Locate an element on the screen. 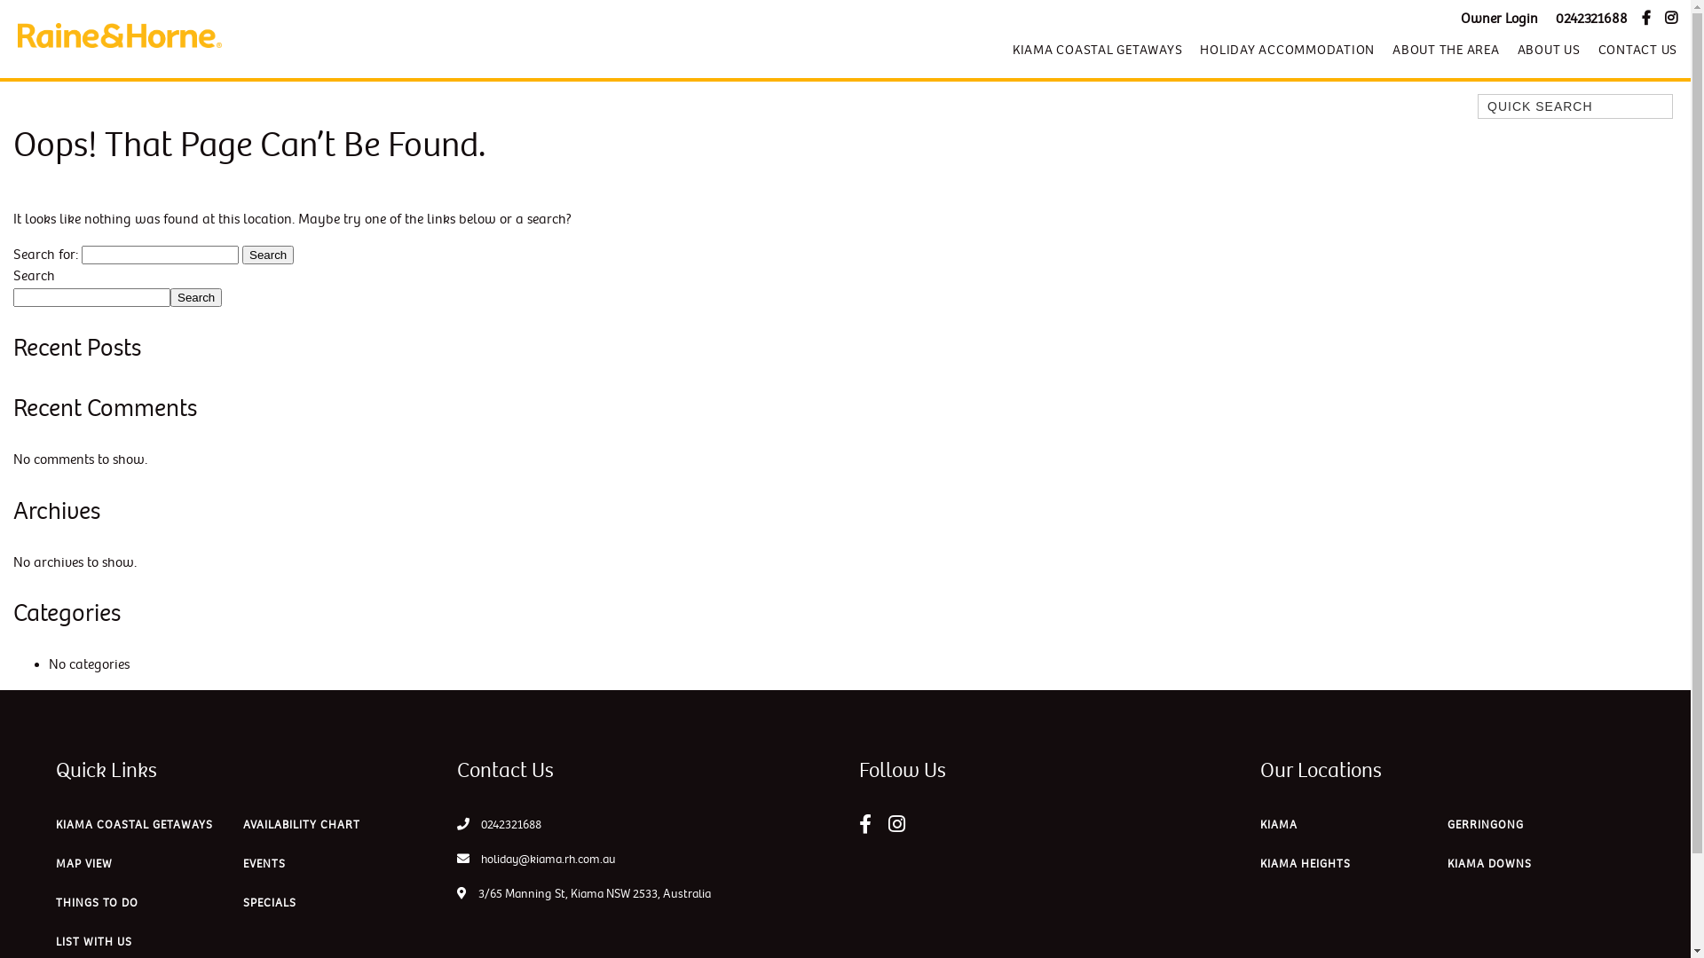 The width and height of the screenshot is (1704, 958). 'ABOUT US' is located at coordinates (1548, 49).